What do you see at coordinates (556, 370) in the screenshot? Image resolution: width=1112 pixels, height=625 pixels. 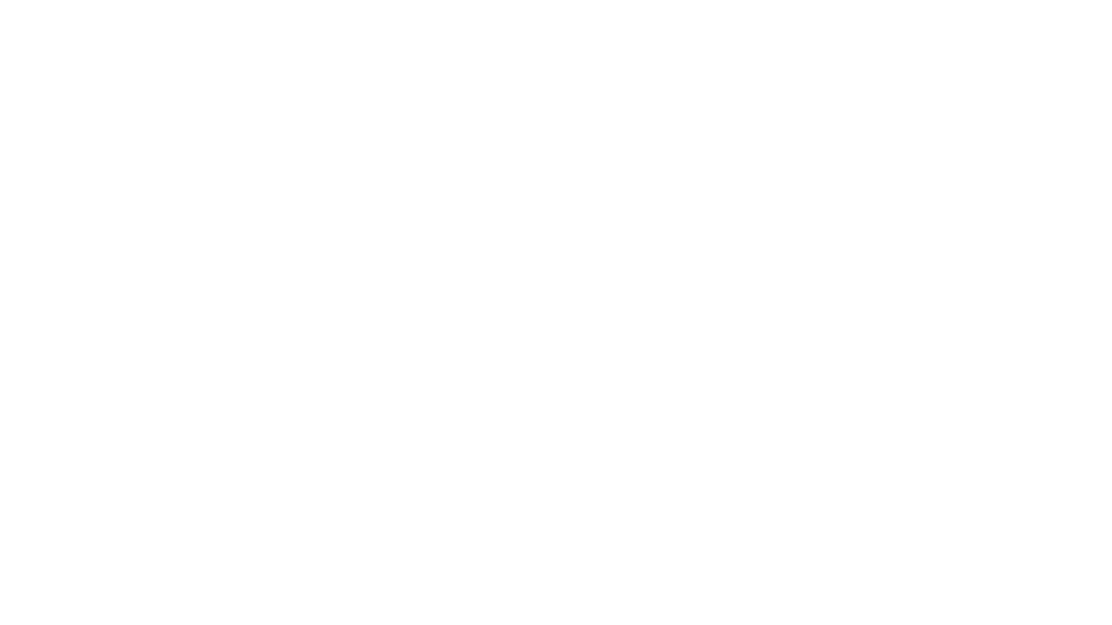 I see `Go` at bounding box center [556, 370].